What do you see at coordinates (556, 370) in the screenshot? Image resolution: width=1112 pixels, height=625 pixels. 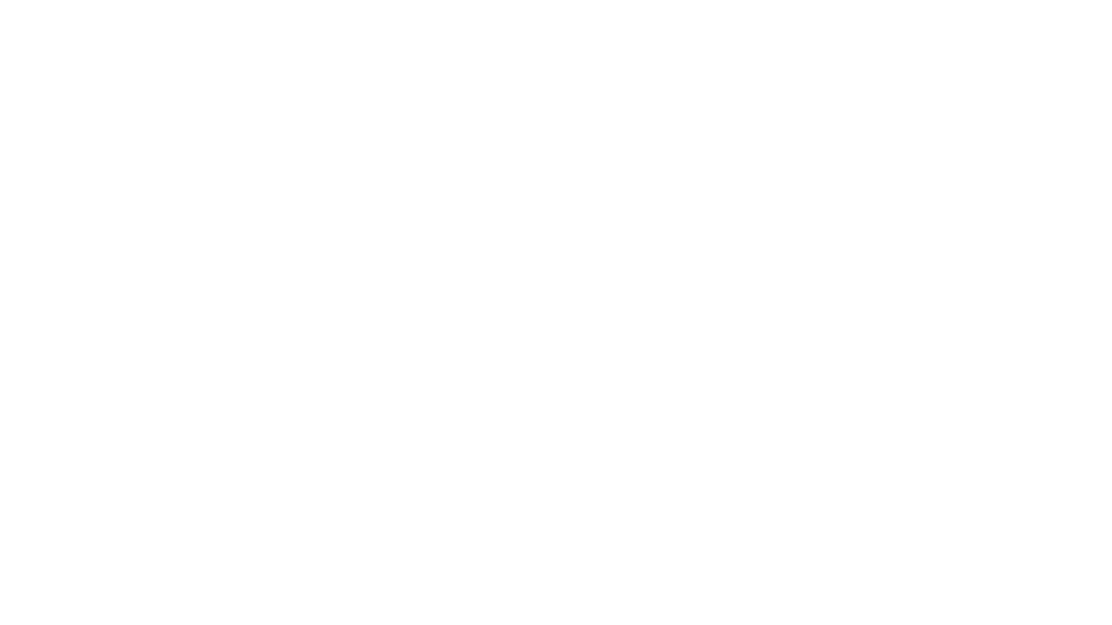 I see `Go` at bounding box center [556, 370].